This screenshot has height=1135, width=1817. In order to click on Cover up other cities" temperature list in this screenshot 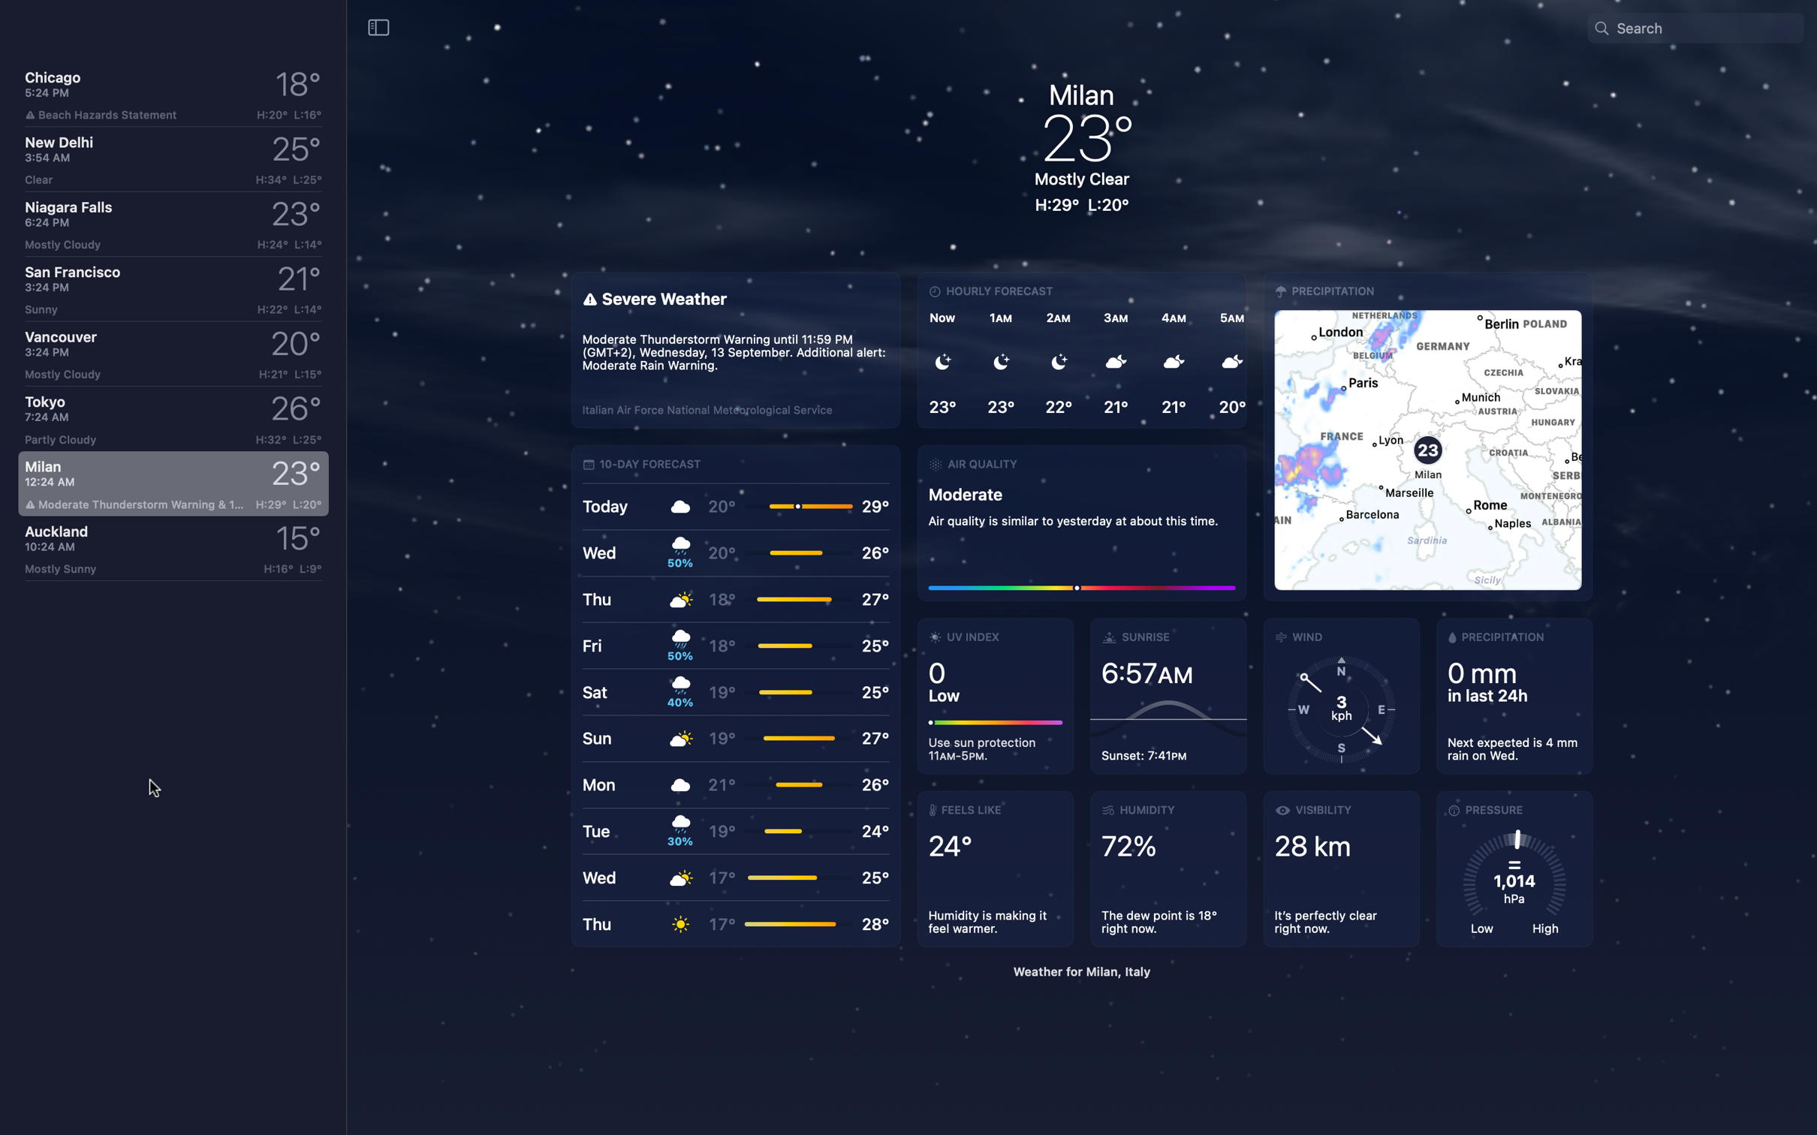, I will do `click(378, 26)`.